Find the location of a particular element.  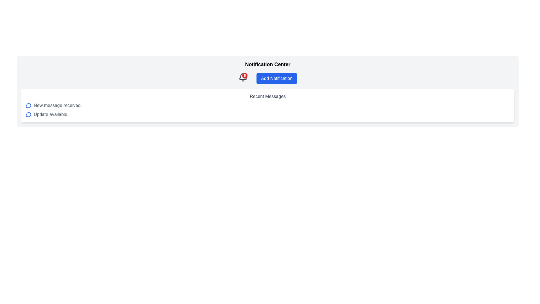

the displayed number on the Notification badge, which indicates new notifications and is positioned at the top-right corner of the notification bell icon is located at coordinates (245, 75).